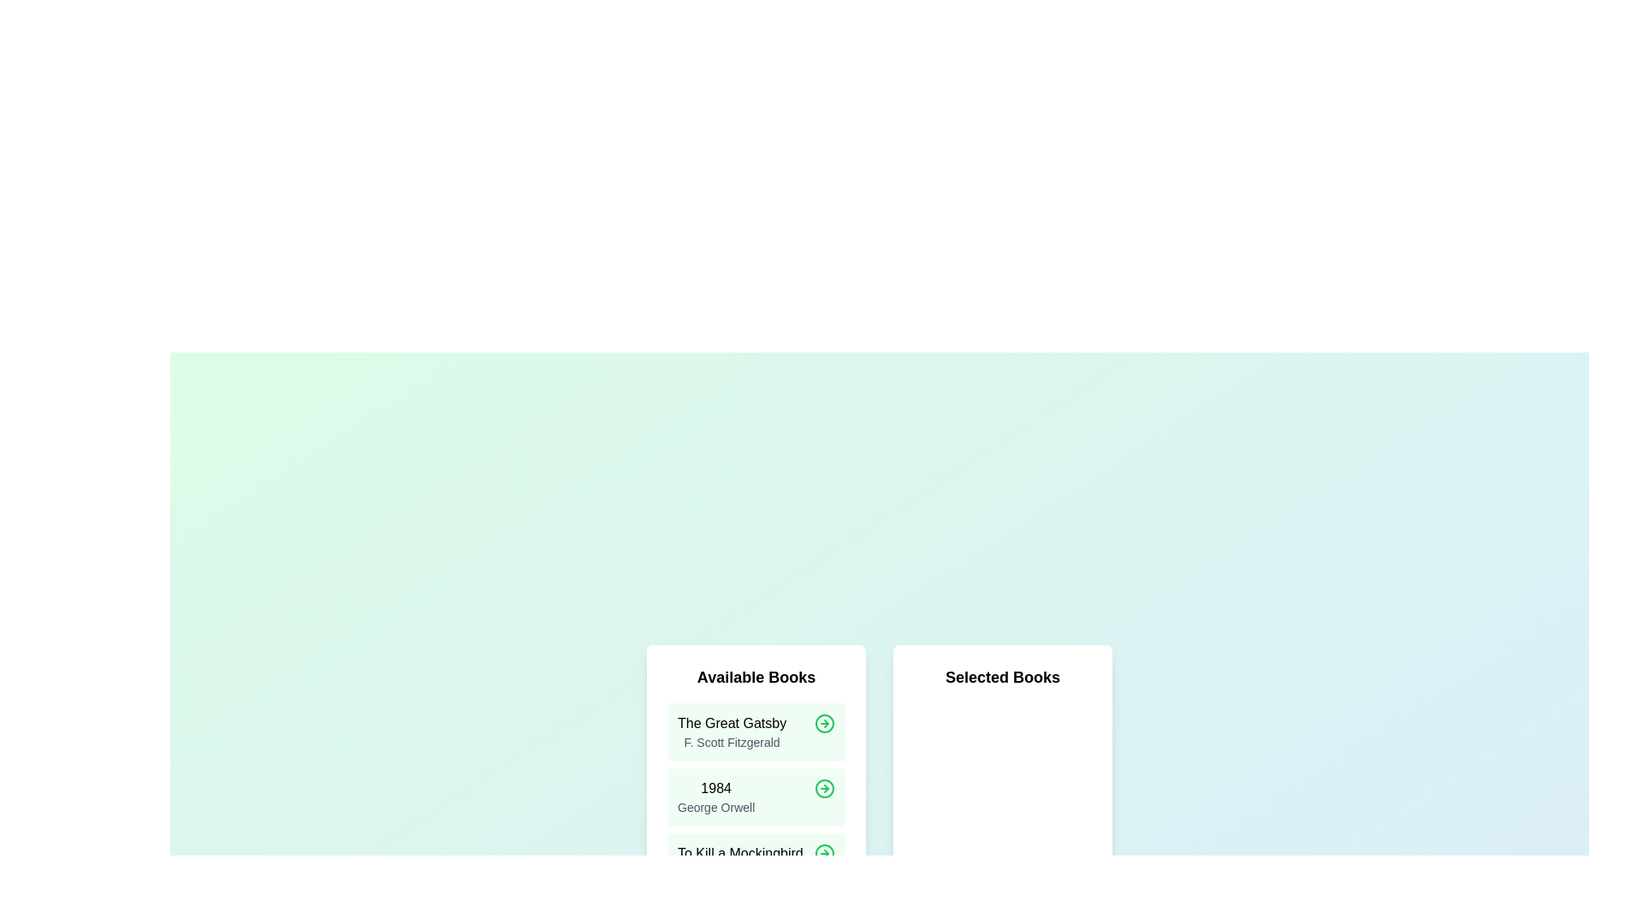 The width and height of the screenshot is (1643, 924). I want to click on the green arrow button next to the book titled The Great Gatsby in the available list to move it to the selected list, so click(825, 723).